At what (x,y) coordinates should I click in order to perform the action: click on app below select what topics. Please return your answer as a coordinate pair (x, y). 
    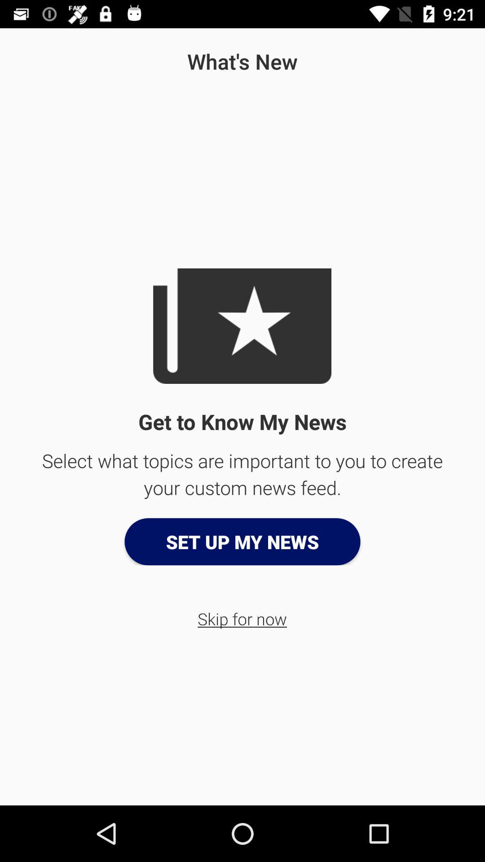
    Looking at the image, I should click on (242, 541).